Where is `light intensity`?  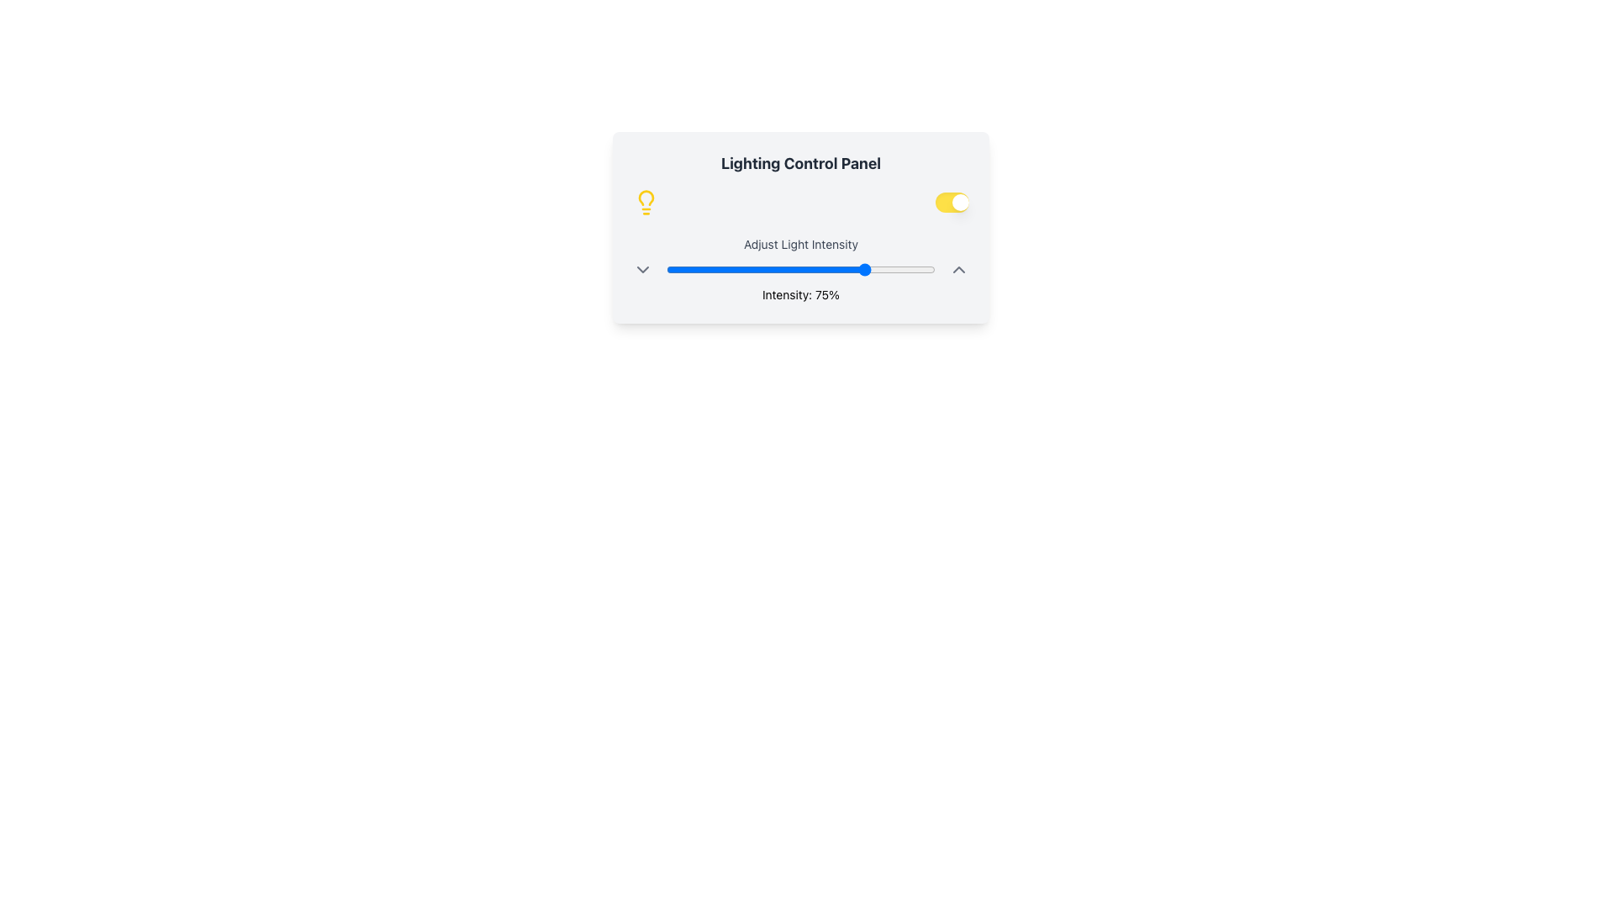 light intensity is located at coordinates (746, 268).